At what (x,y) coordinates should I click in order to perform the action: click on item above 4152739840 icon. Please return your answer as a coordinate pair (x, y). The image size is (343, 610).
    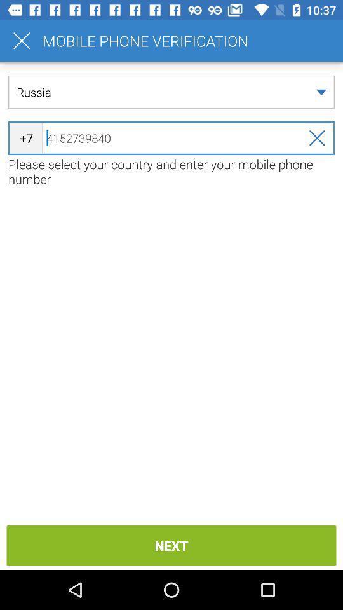
    Looking at the image, I should click on (171, 91).